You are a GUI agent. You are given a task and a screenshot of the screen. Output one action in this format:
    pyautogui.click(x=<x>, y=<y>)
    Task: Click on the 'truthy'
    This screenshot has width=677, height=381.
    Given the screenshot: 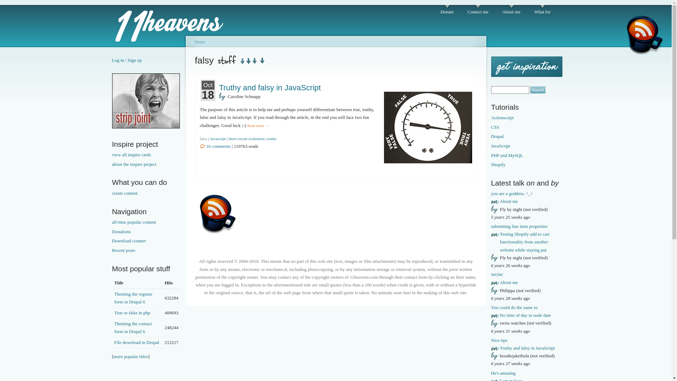 What is the action you would take?
    pyautogui.click(x=272, y=139)
    